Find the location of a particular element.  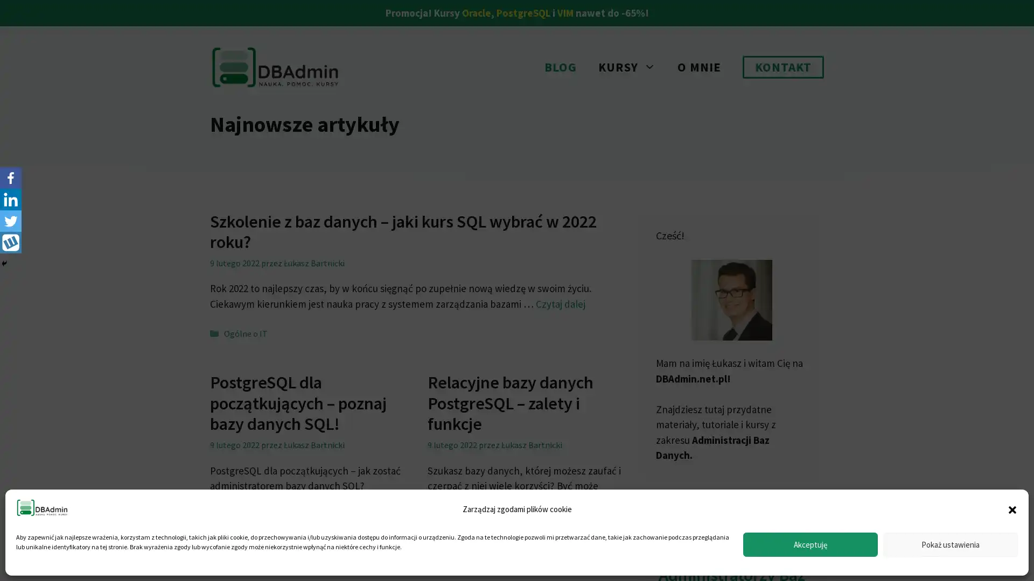

Pokaz ustawienia is located at coordinates (951, 544).